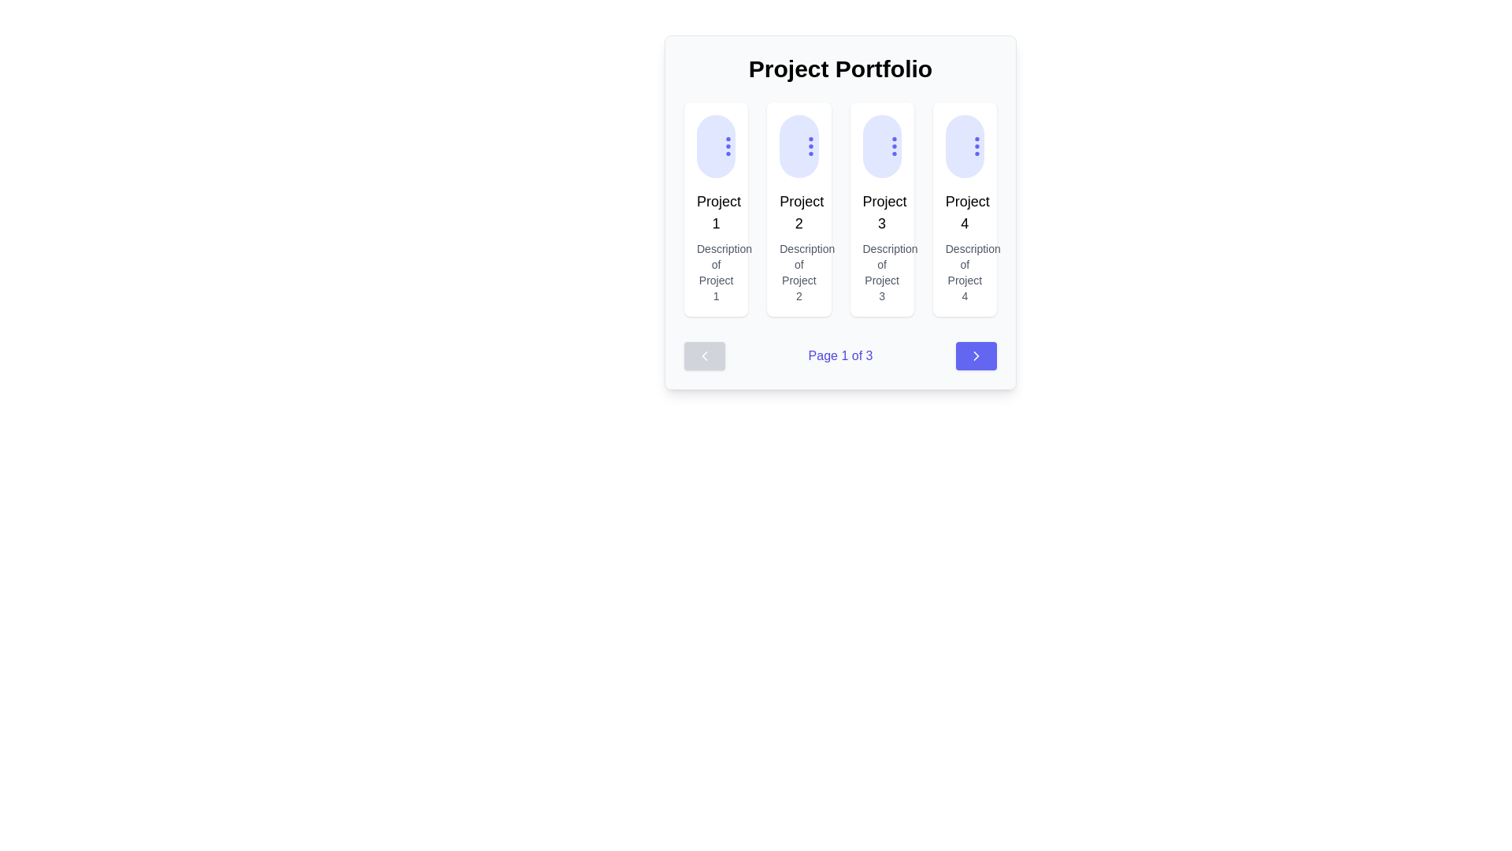  What do you see at coordinates (703, 355) in the screenshot?
I see `the previous page navigation button located on the left side of the pagination control bar, which enables navigation to the previous page when clicked` at bounding box center [703, 355].